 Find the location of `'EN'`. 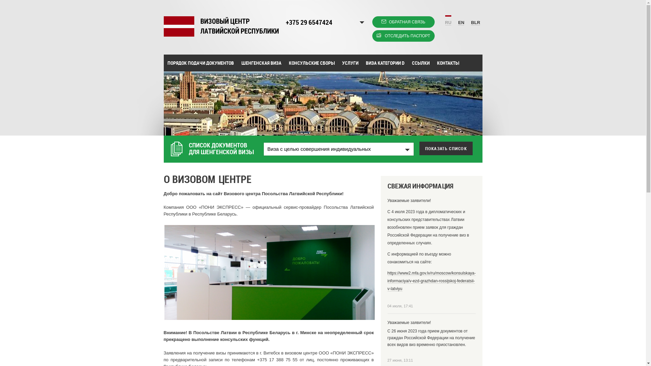

'EN' is located at coordinates (461, 20).